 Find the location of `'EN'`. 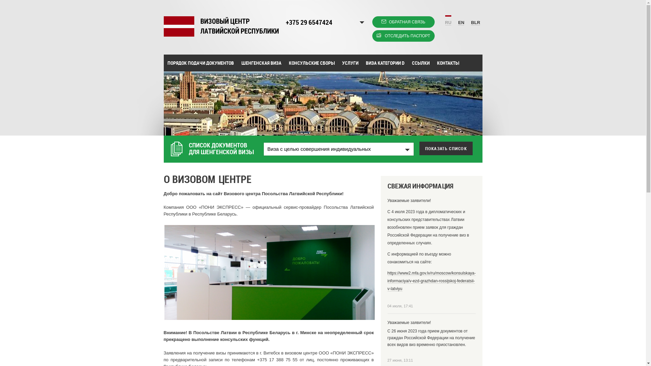

'EN' is located at coordinates (461, 20).